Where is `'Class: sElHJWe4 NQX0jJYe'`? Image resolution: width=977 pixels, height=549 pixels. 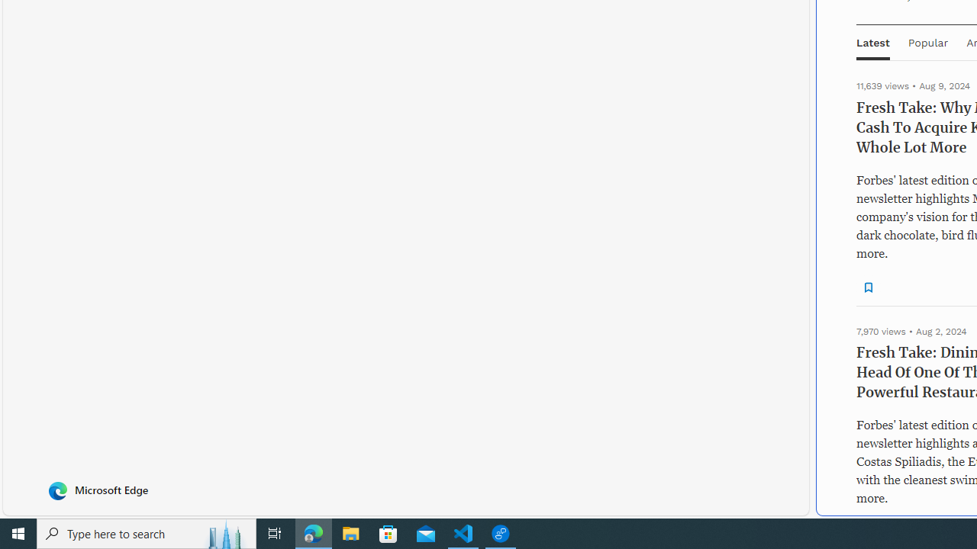
'Class: sElHJWe4 NQX0jJYe' is located at coordinates (869, 287).